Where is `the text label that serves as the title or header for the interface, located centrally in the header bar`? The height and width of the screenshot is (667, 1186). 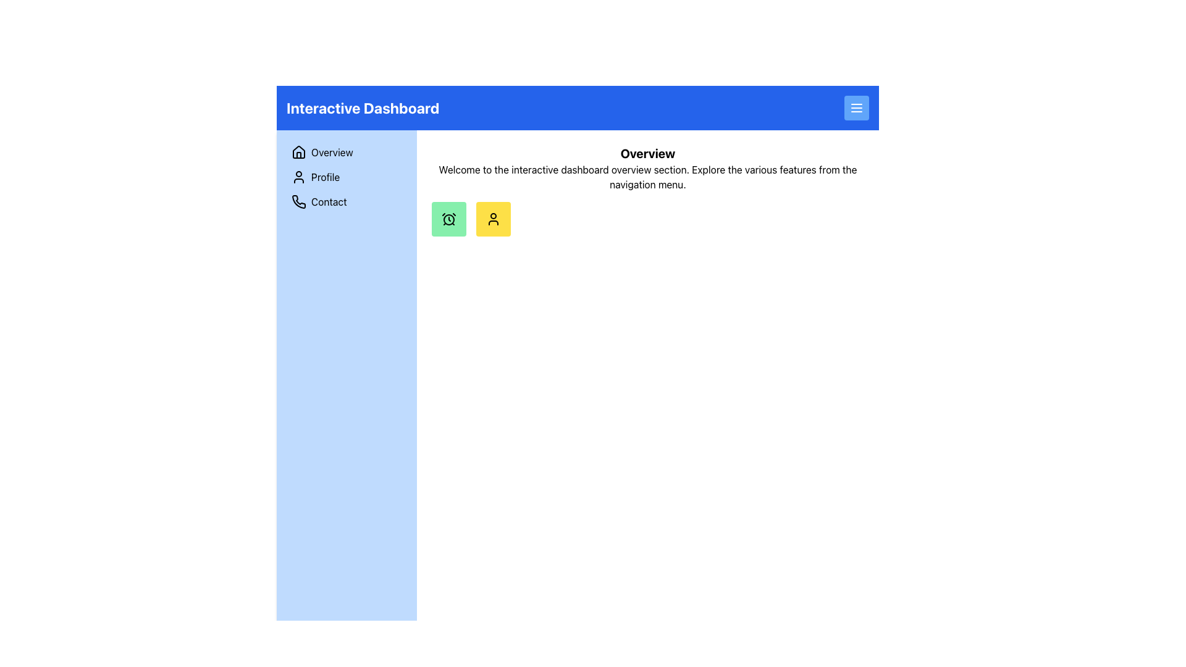 the text label that serves as the title or header for the interface, located centrally in the header bar is located at coordinates (362, 107).